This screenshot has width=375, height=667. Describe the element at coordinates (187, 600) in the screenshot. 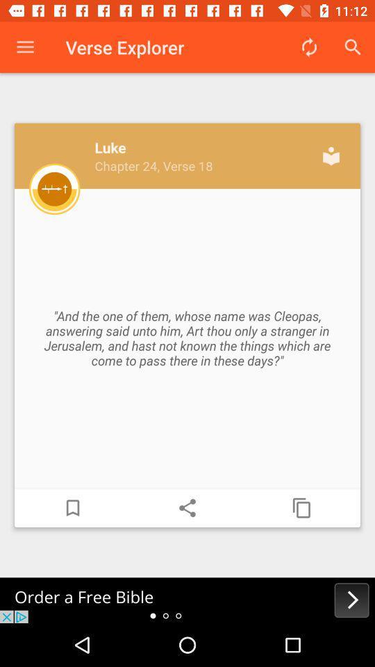

I see `order a free bible` at that location.